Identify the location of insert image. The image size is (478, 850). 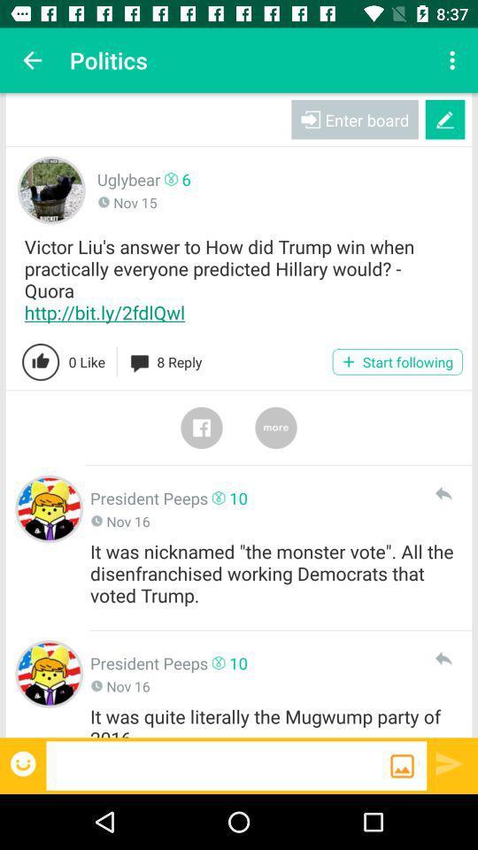
(402, 765).